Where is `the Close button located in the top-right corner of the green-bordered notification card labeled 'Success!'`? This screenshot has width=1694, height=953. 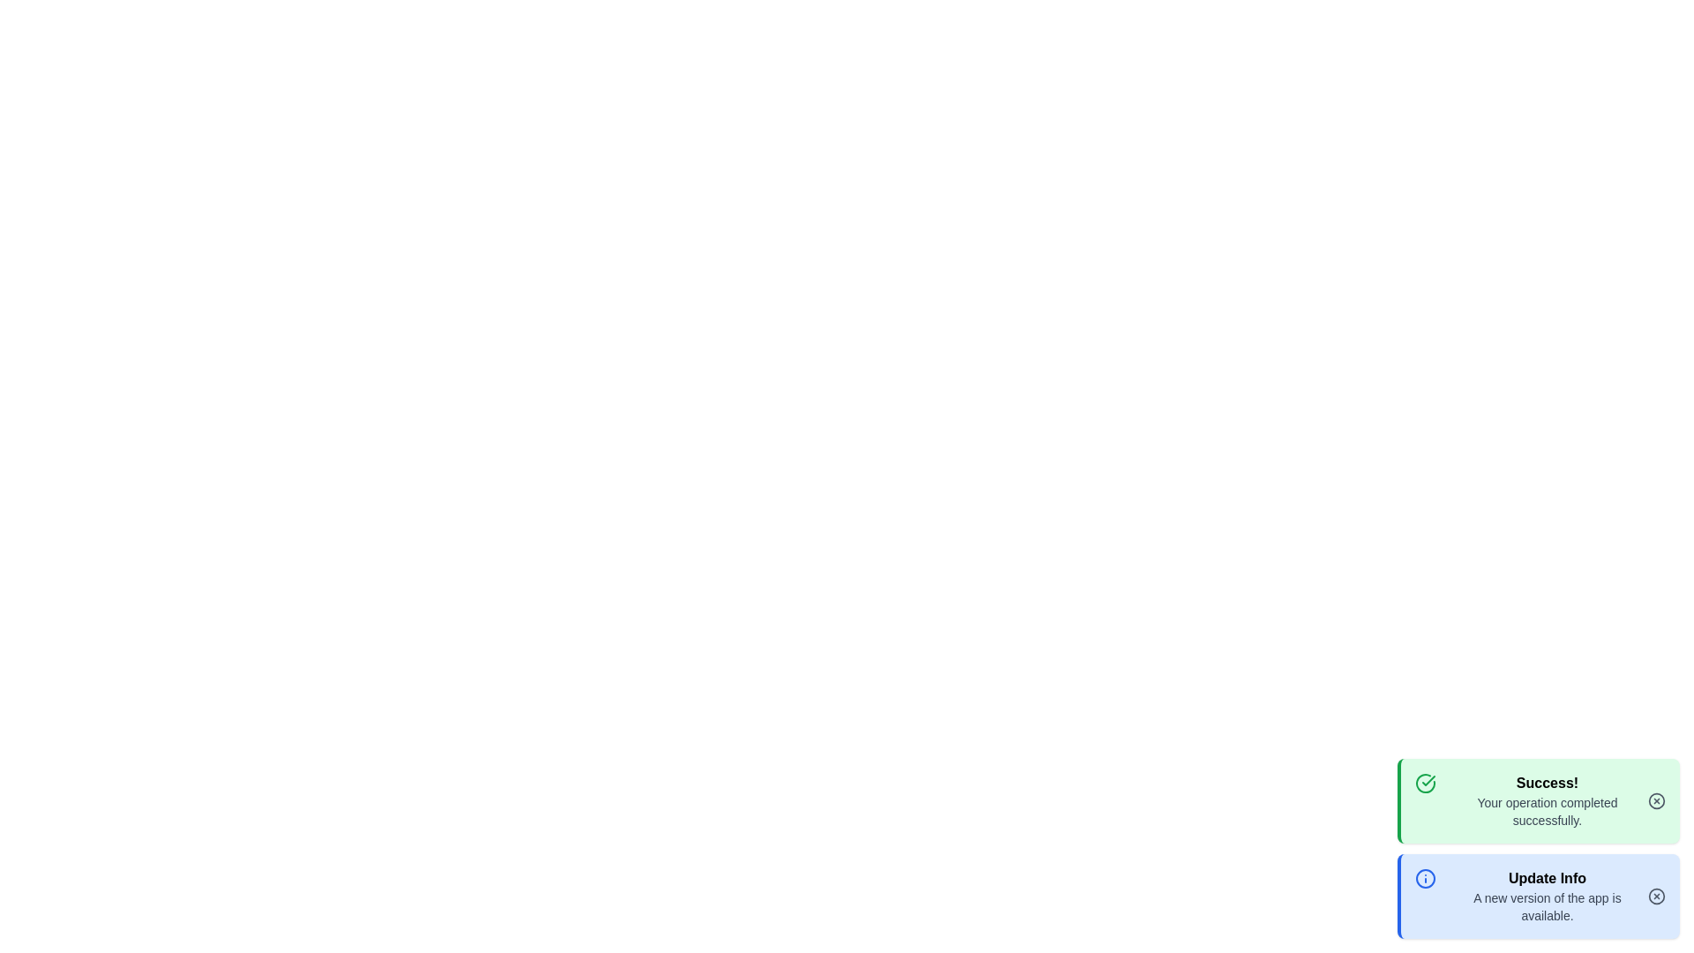 the Close button located in the top-right corner of the green-bordered notification card labeled 'Success!' is located at coordinates (1655, 800).